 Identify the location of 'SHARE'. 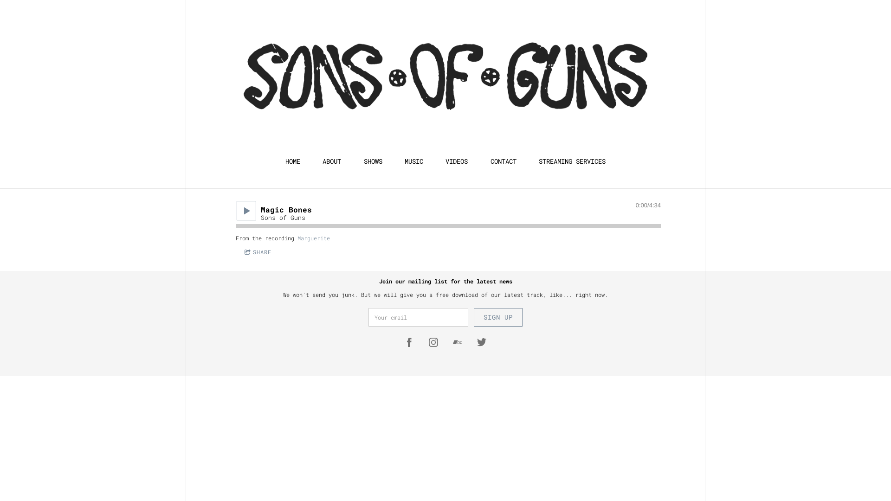
(258, 252).